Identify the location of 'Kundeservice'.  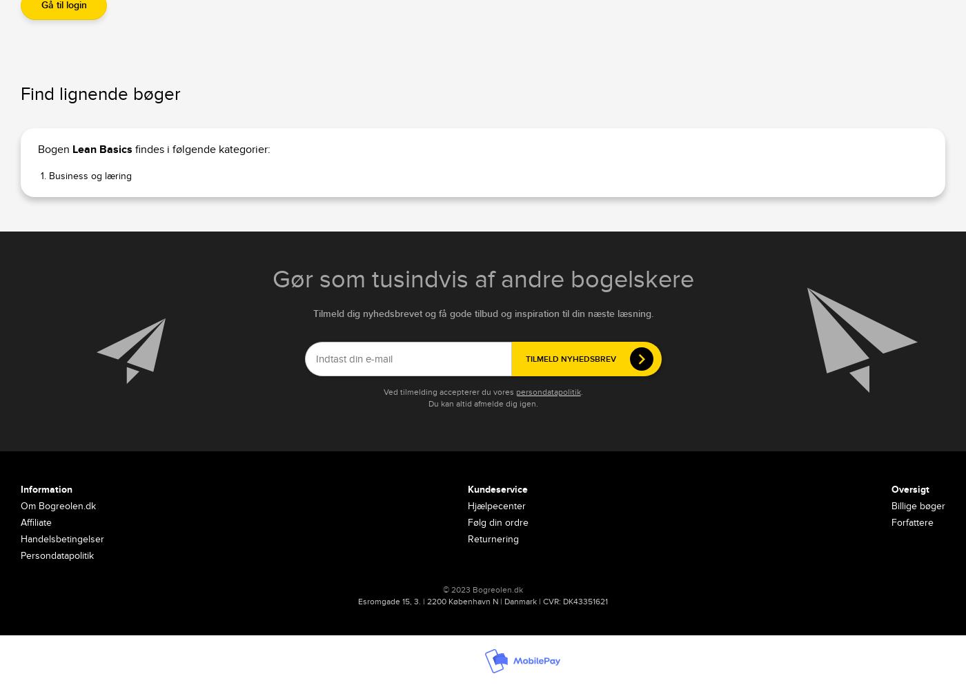
(496, 488).